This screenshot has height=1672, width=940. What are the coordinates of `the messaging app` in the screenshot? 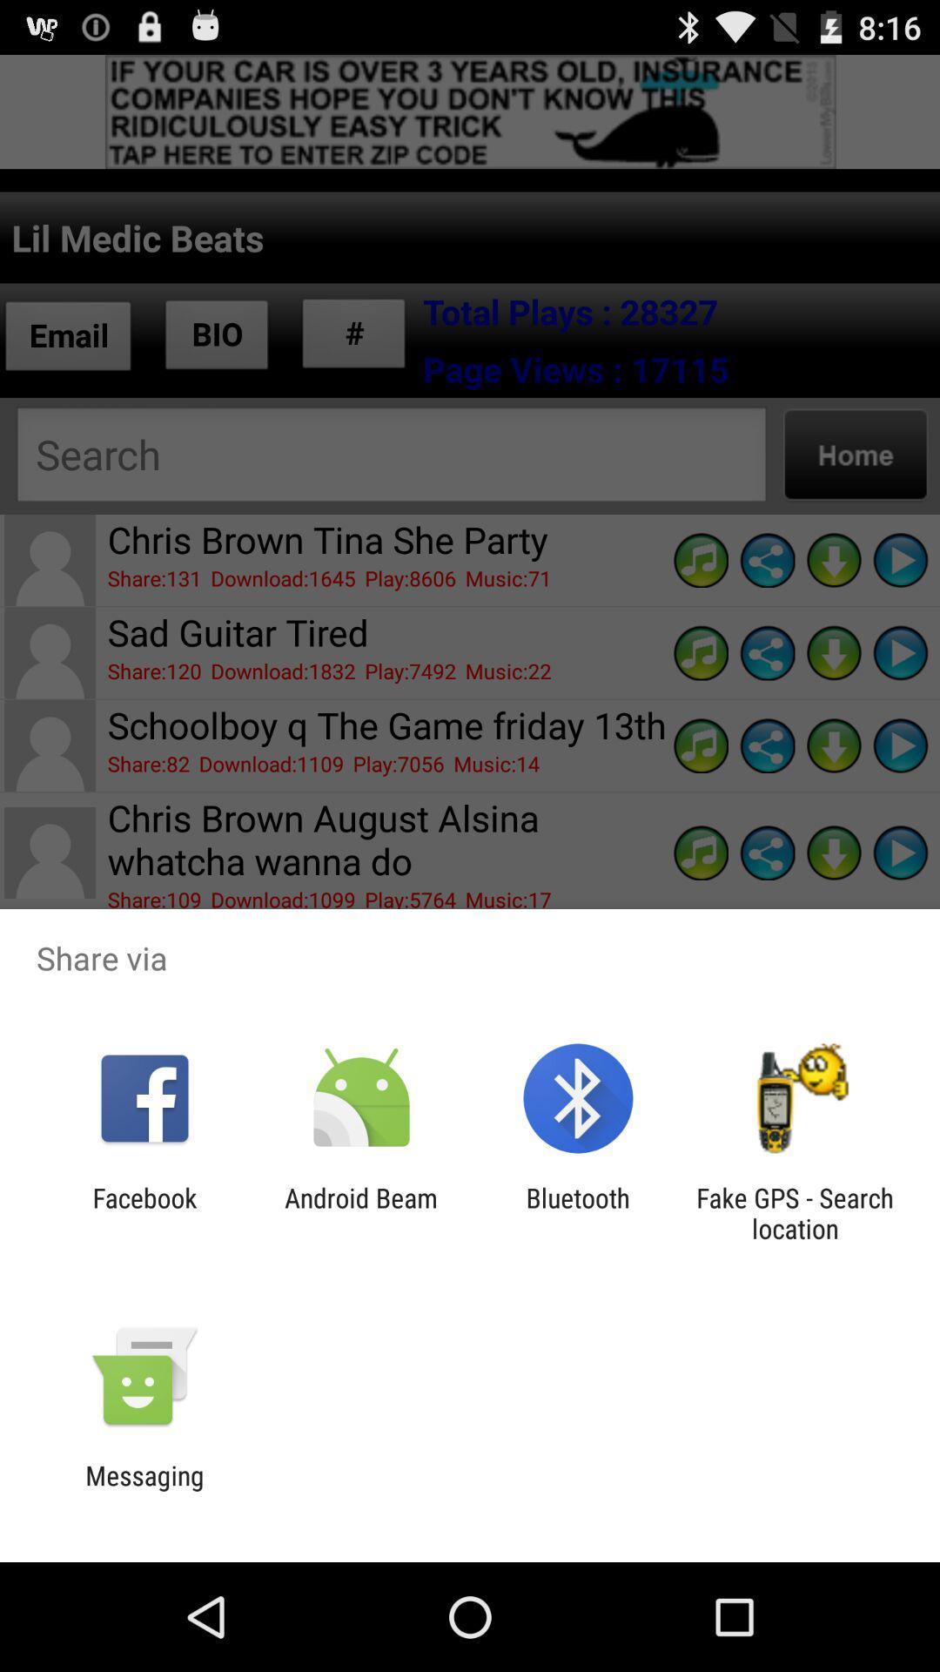 It's located at (144, 1490).